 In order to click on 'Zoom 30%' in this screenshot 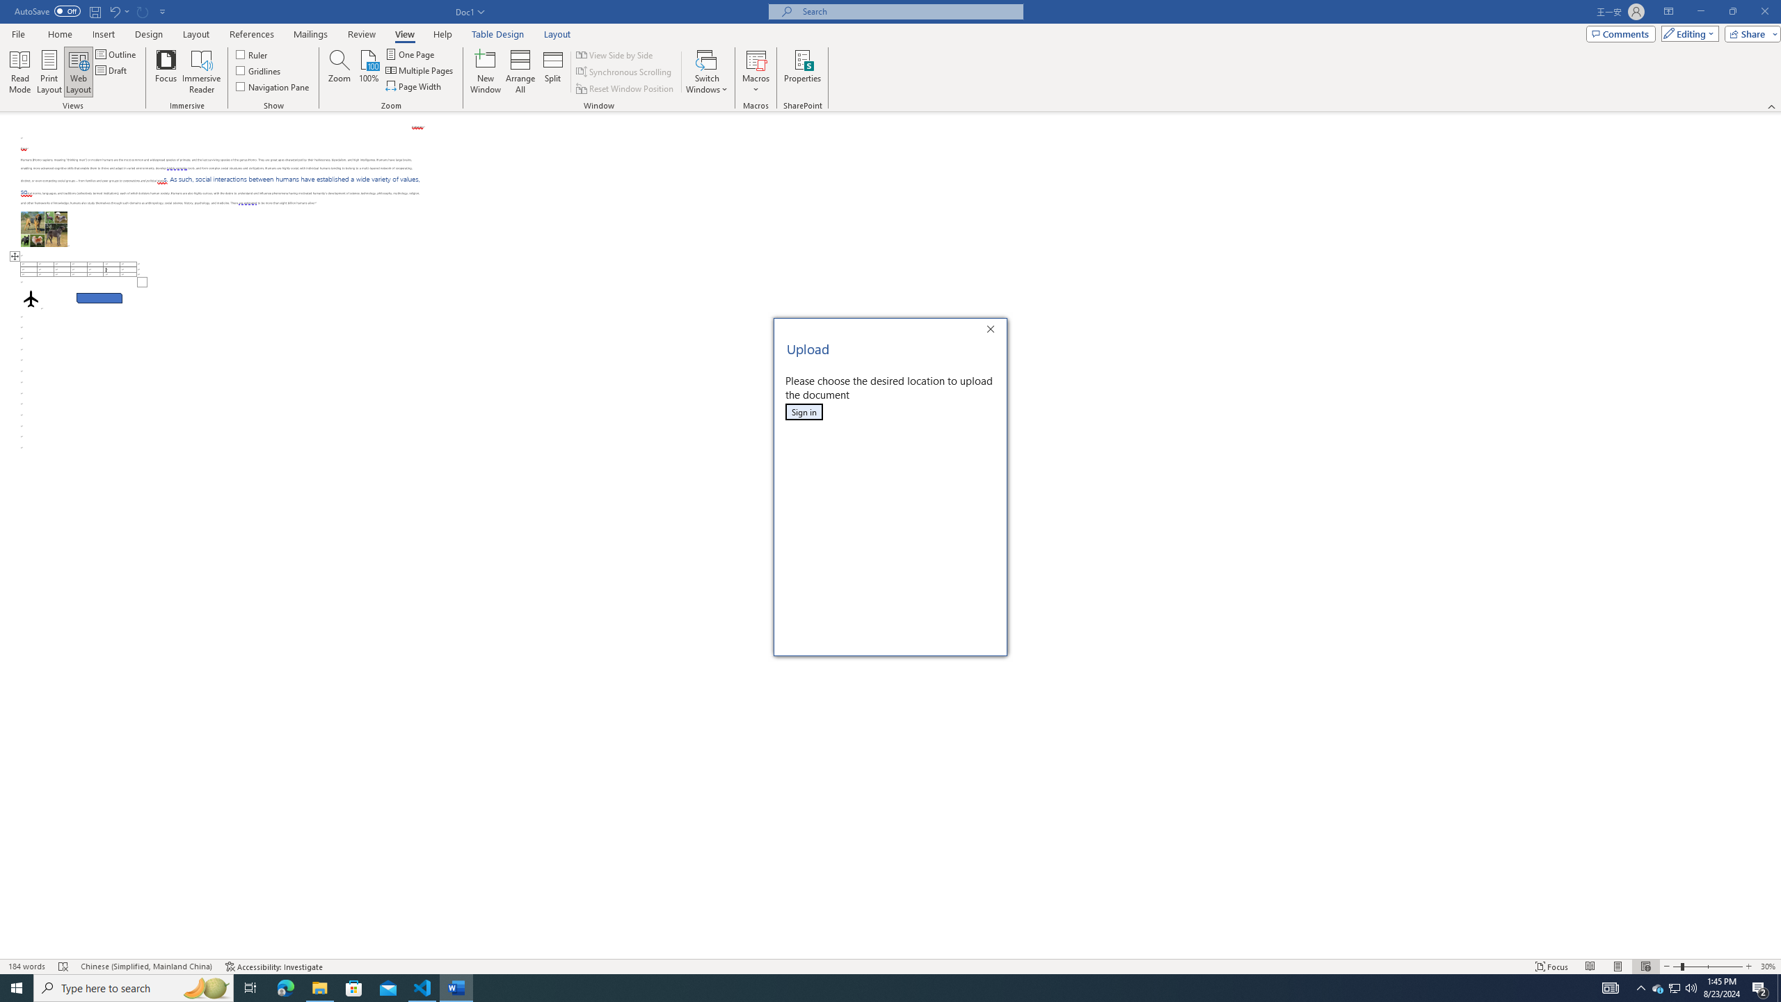, I will do `click(1768, 967)`.